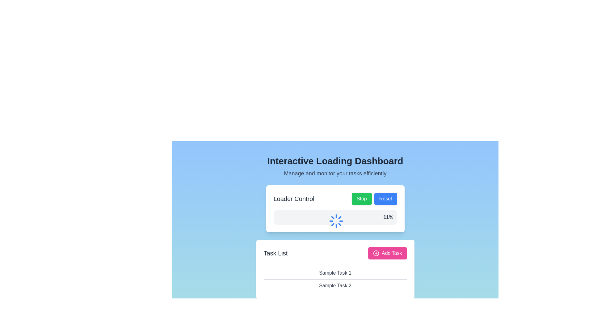 The image size is (593, 334). I want to click on text displayed in the heading that says 'Interactive Loading Dashboard', which is located at the top of the panel interface, so click(335, 161).